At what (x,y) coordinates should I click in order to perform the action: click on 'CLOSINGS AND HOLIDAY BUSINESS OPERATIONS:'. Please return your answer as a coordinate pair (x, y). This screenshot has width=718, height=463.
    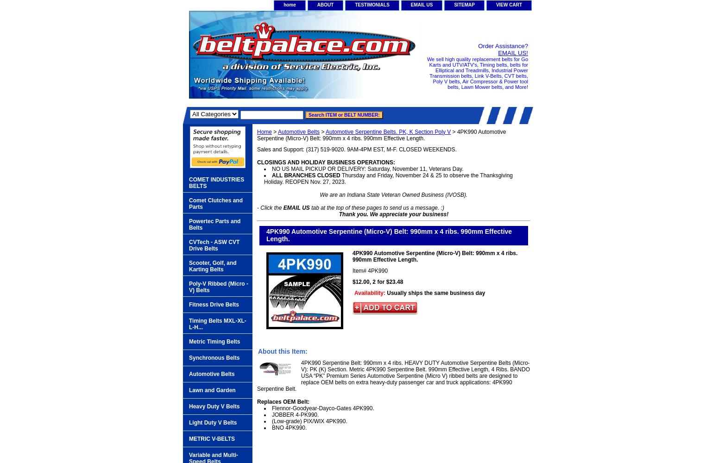
    Looking at the image, I should click on (326, 162).